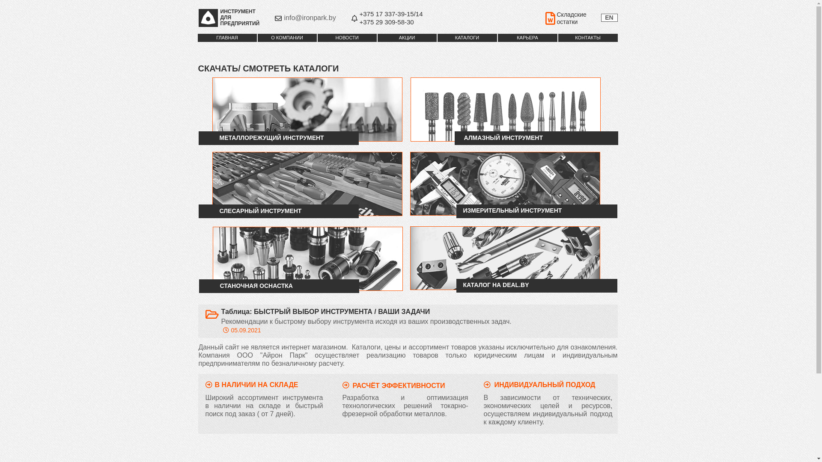  What do you see at coordinates (208, 18) in the screenshot?
I see `'Iron Park_Logo_insert'` at bounding box center [208, 18].